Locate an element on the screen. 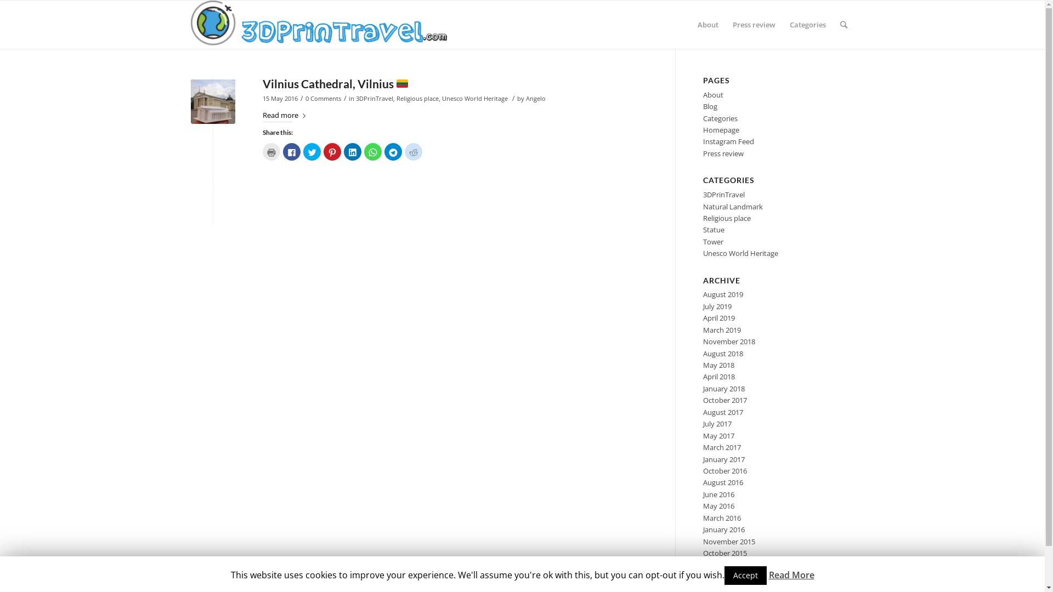 The image size is (1053, 592). 'Read More' is located at coordinates (768, 574).